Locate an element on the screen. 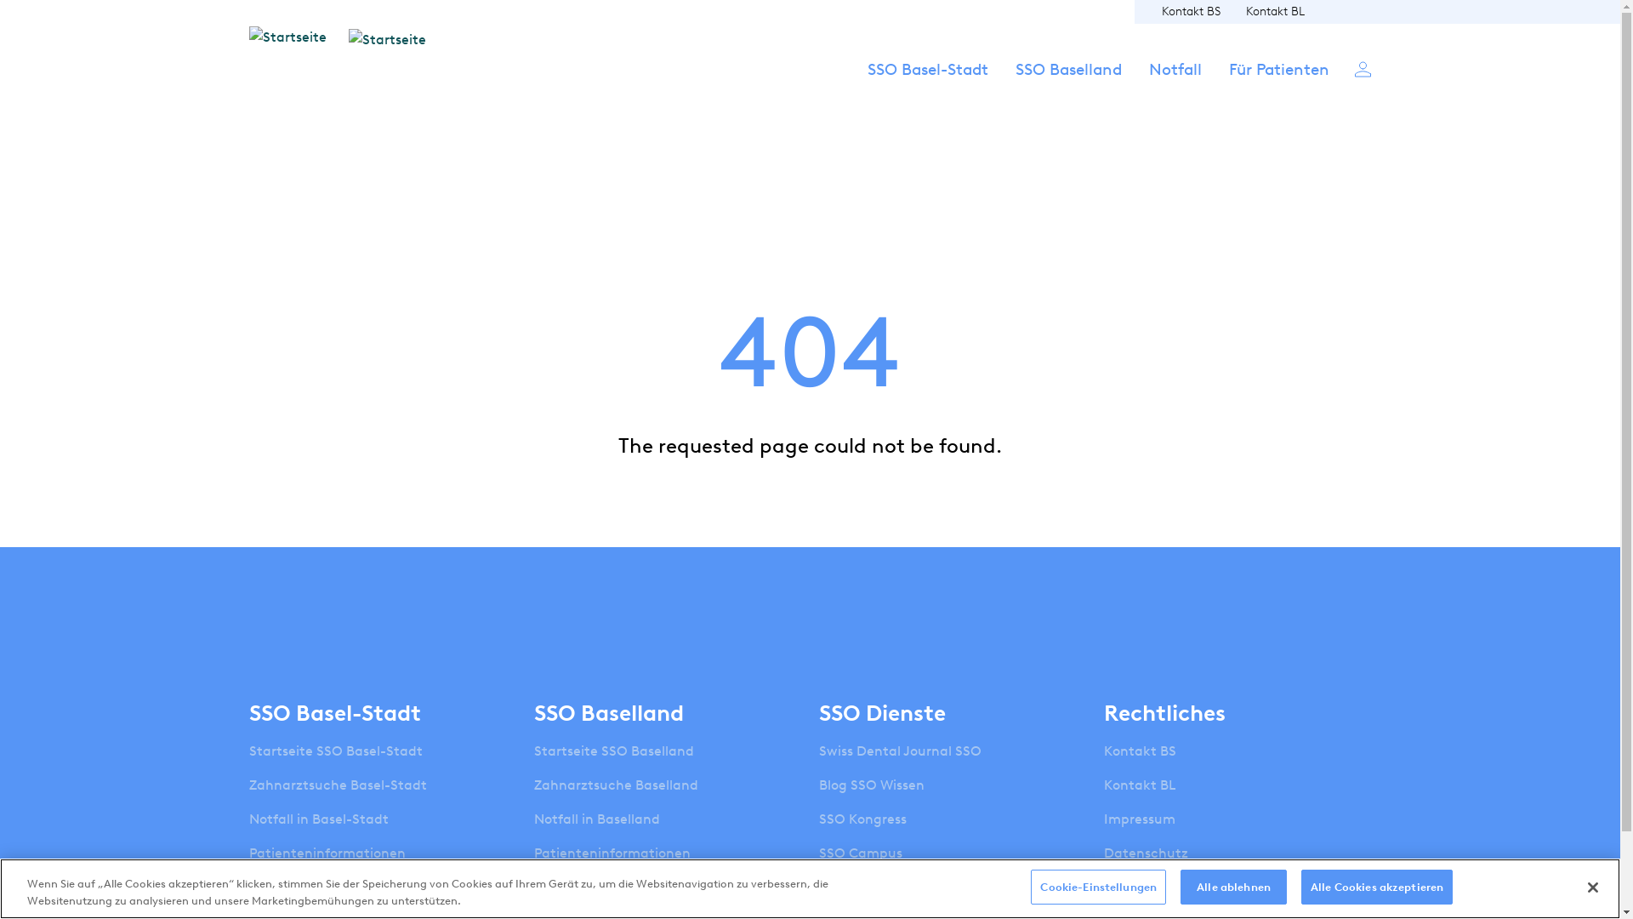  'Alle ablehnen' is located at coordinates (1233, 886).